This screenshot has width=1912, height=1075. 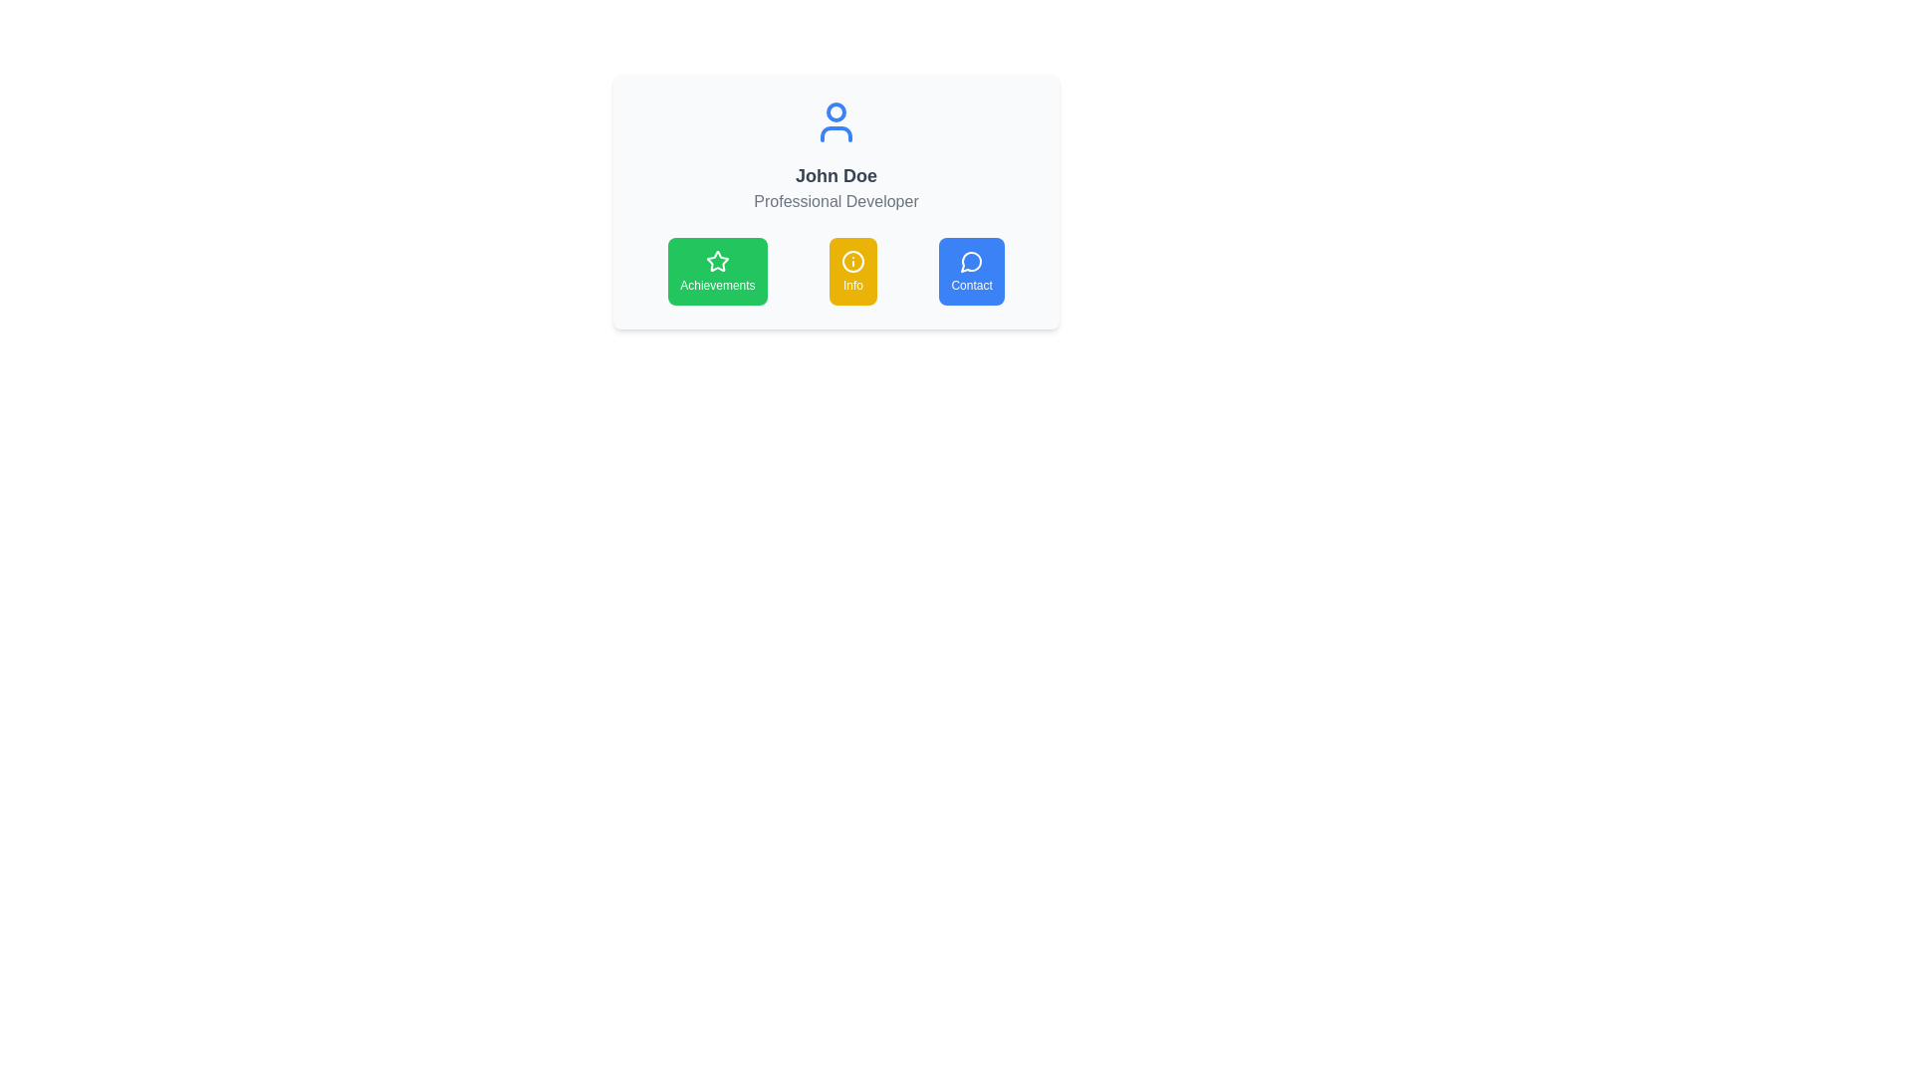 What do you see at coordinates (836, 202) in the screenshot?
I see `the Text Label that provides information about the user's professional role, specifically the label stating 'Professional Developer', which is located underneath the name 'John Doe'` at bounding box center [836, 202].